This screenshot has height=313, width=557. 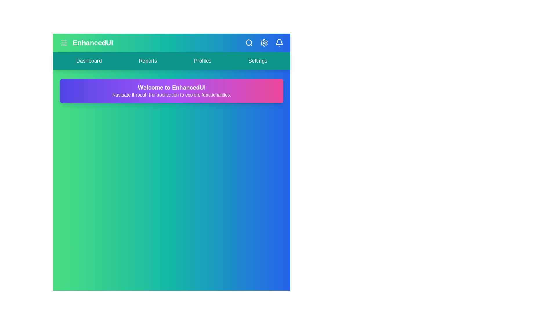 What do you see at coordinates (257, 61) in the screenshot?
I see `the navigation link labeled 'Settings' to preview its hover effect` at bounding box center [257, 61].